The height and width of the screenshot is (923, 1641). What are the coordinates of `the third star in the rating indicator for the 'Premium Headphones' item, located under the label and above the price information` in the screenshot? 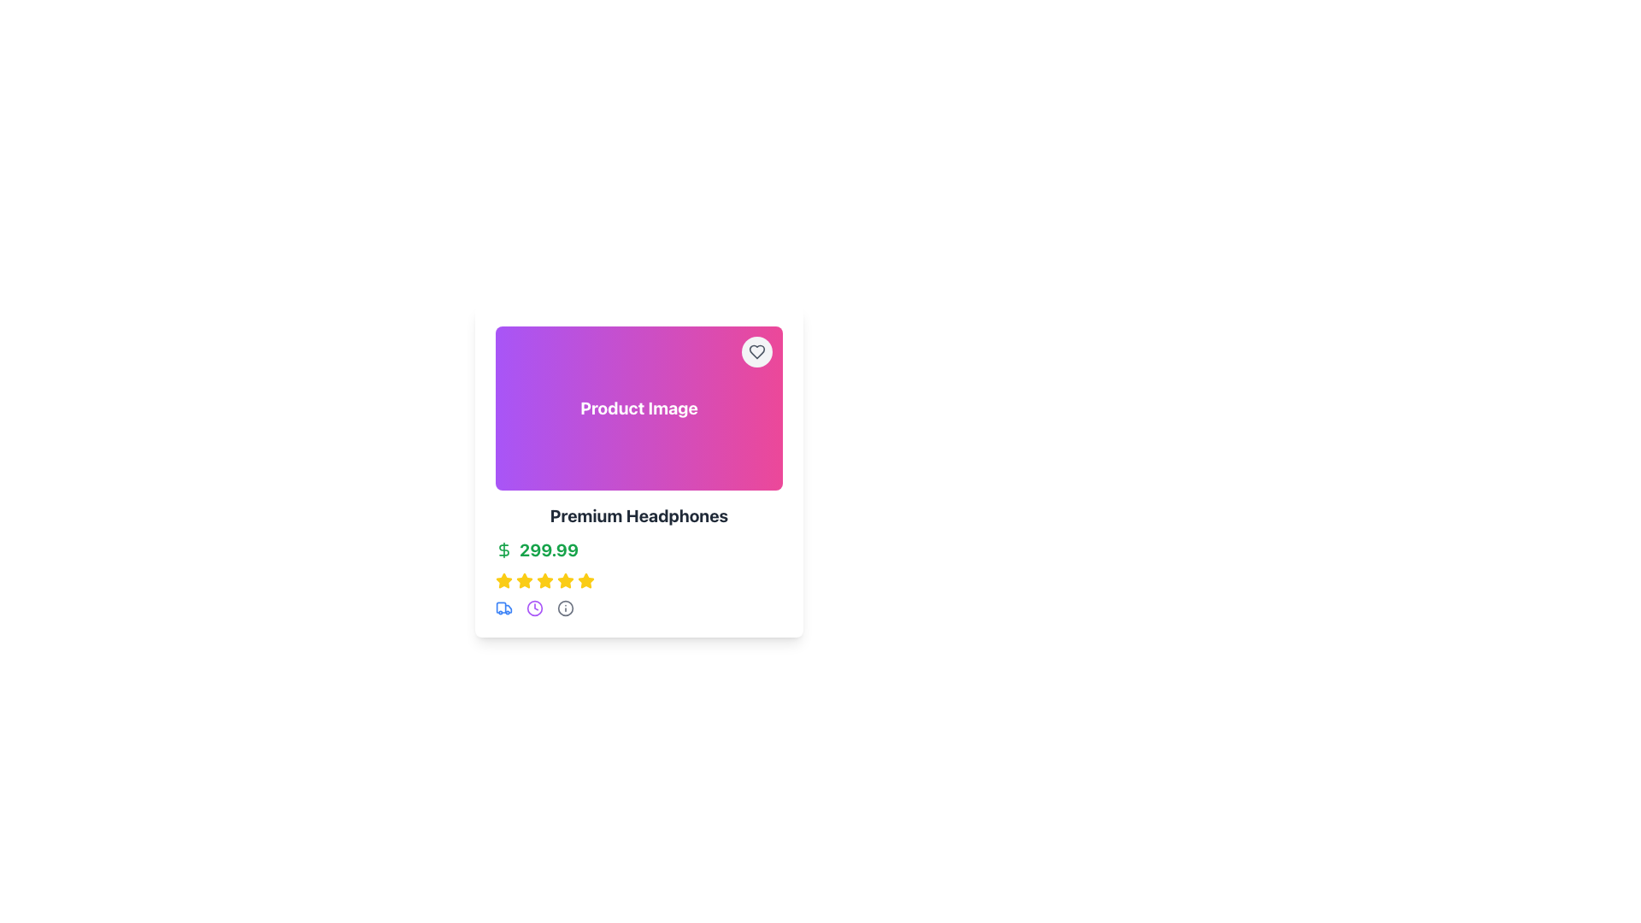 It's located at (544, 579).